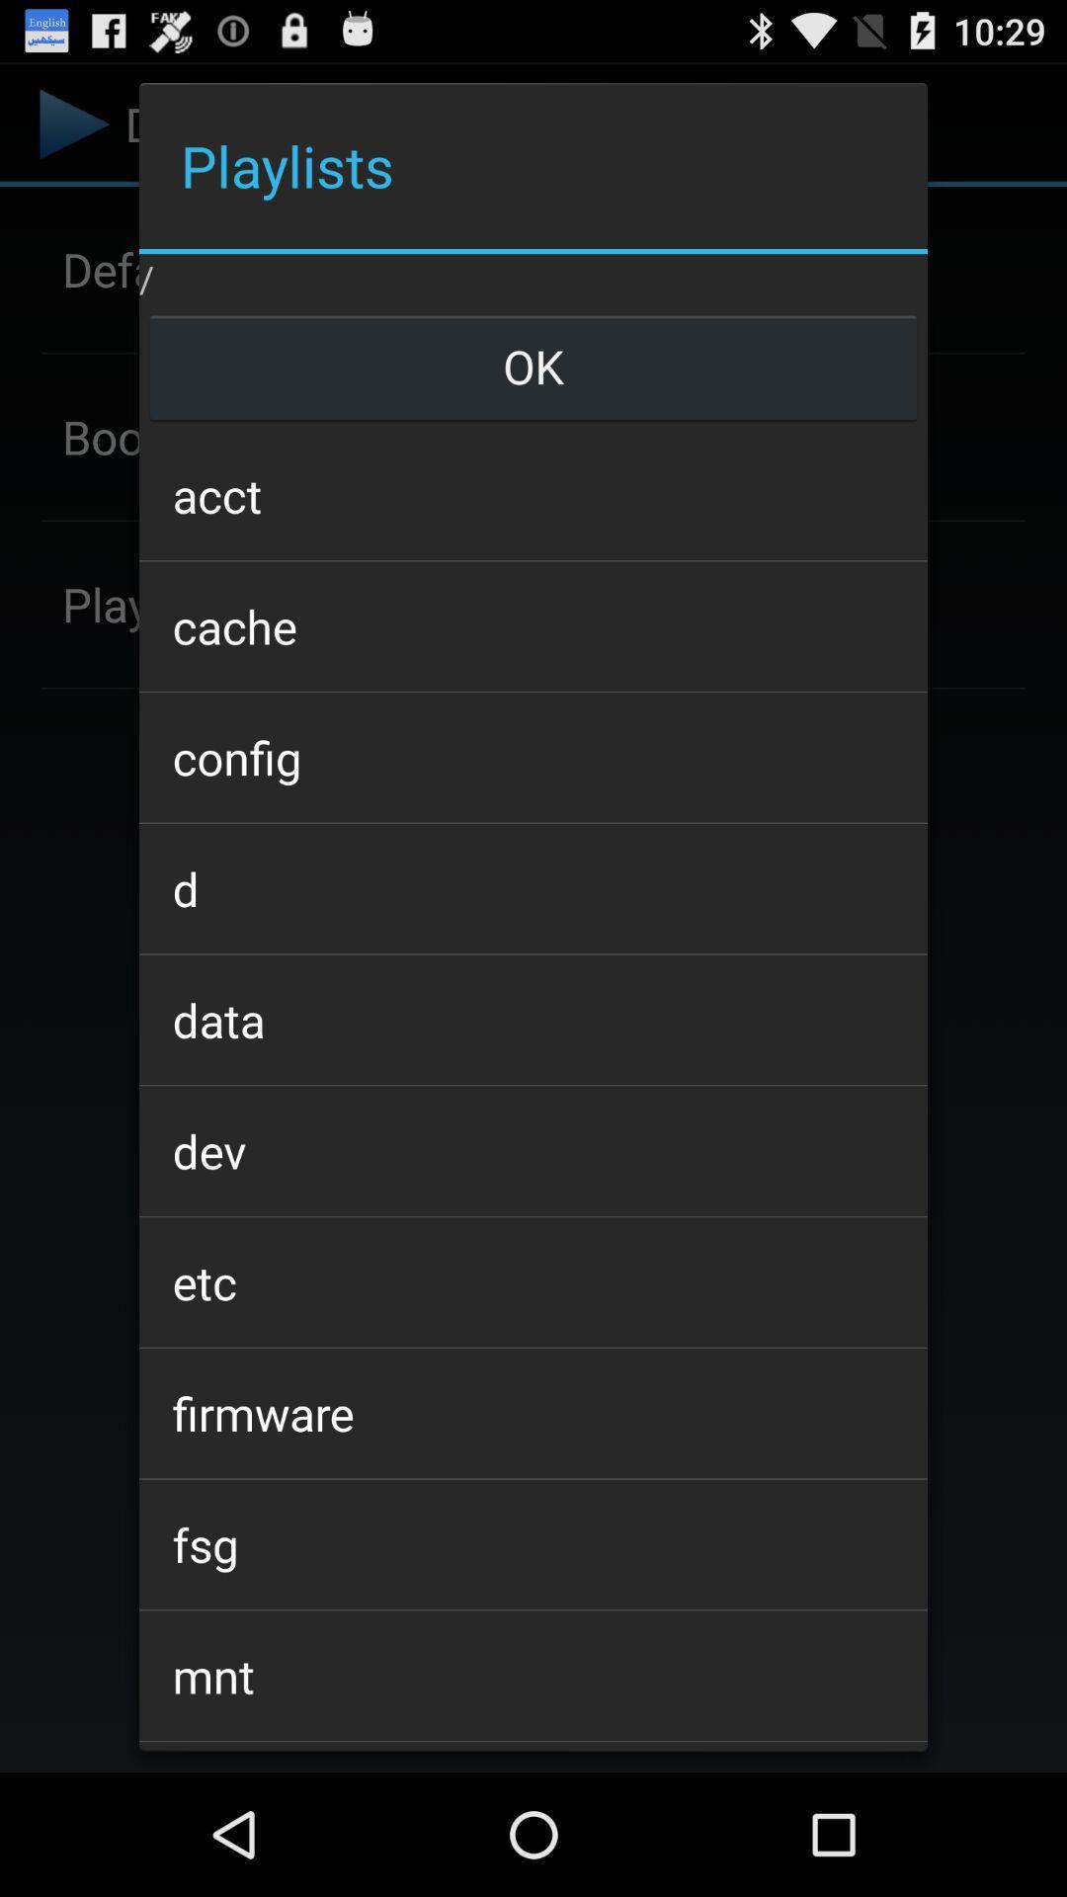  What do you see at coordinates (533, 1675) in the screenshot?
I see `the mnt app` at bounding box center [533, 1675].